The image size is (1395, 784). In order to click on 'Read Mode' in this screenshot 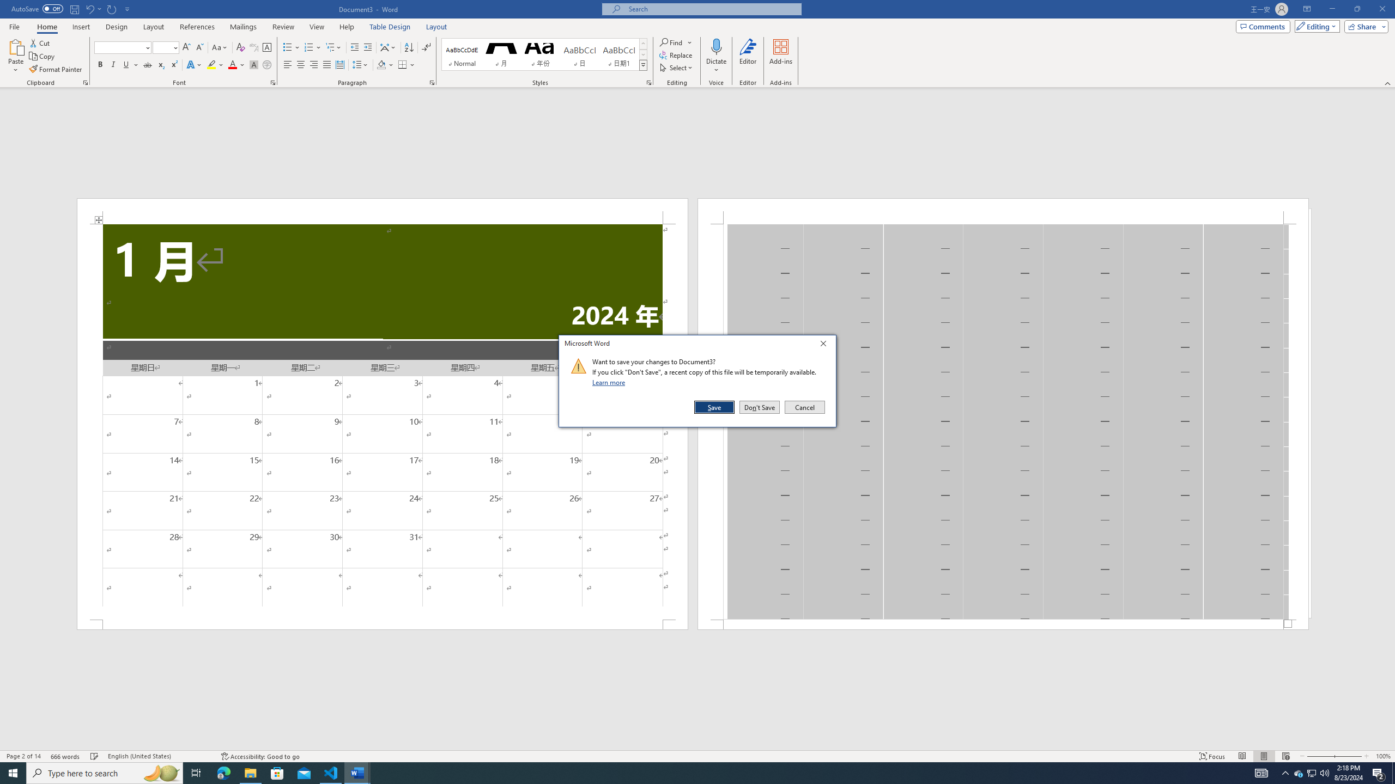, I will do `click(1241, 756)`.